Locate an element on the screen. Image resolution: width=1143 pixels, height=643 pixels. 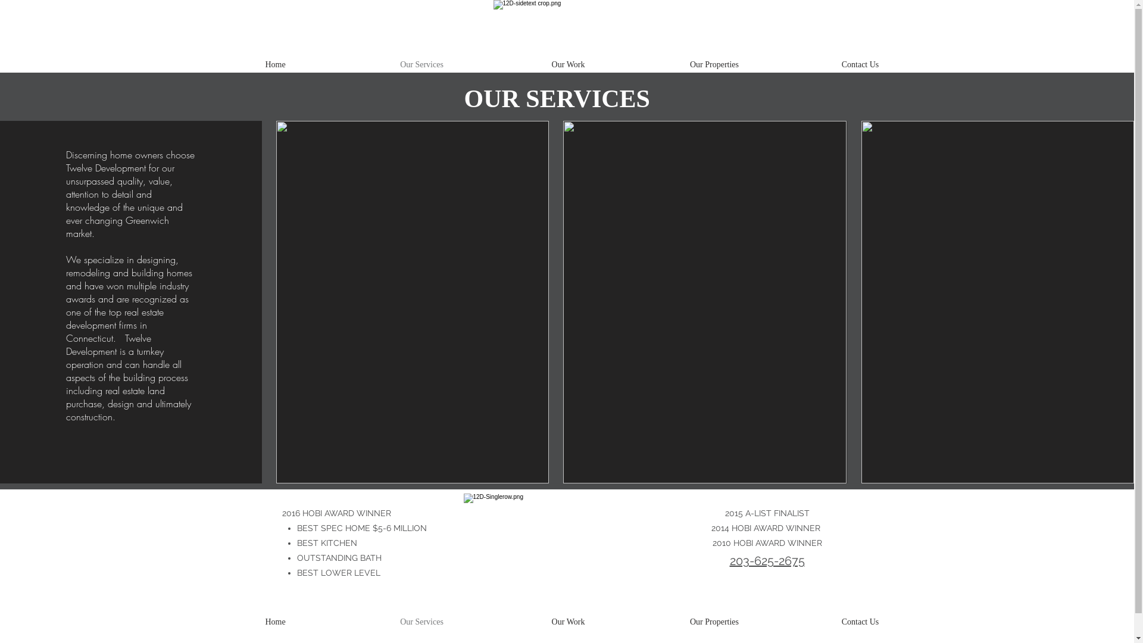
'Our Services' is located at coordinates (422, 622).